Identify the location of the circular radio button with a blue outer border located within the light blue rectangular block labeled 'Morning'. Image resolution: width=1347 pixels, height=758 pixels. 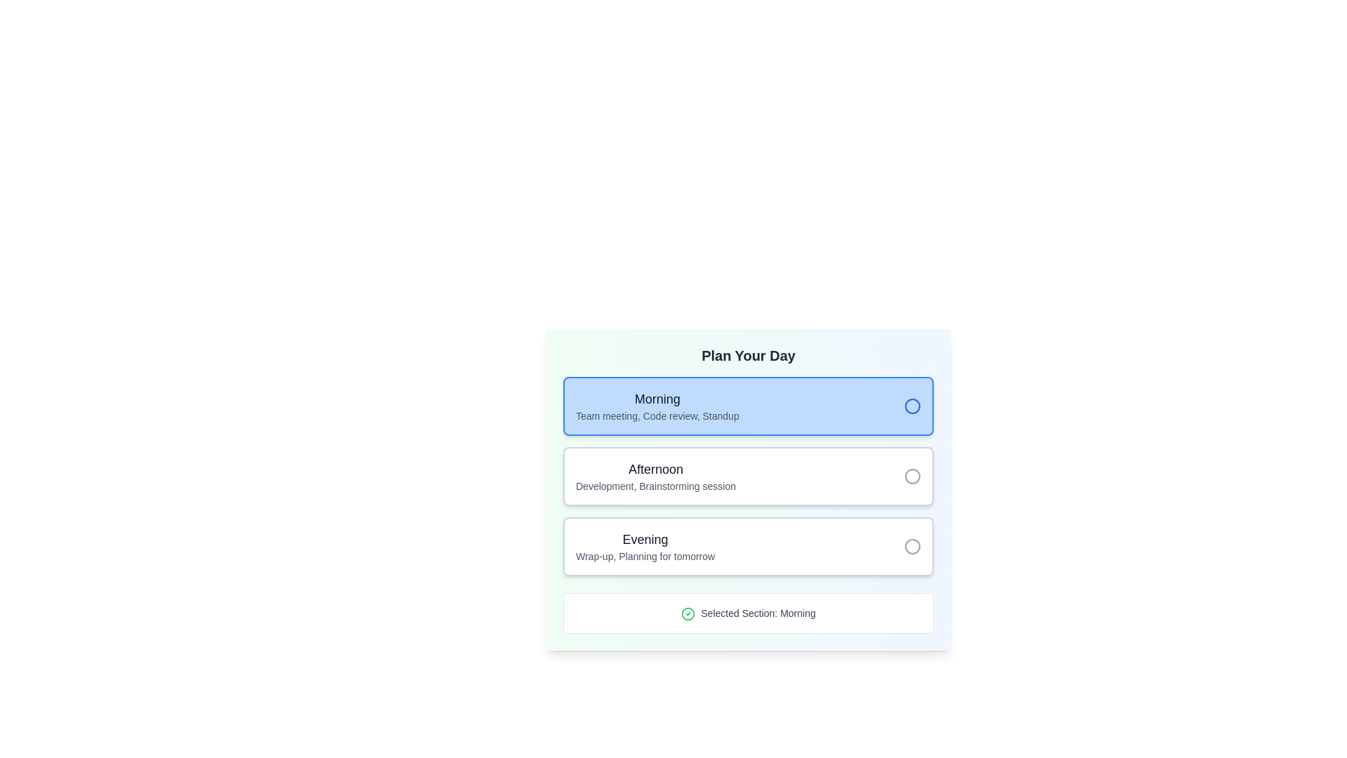
(912, 406).